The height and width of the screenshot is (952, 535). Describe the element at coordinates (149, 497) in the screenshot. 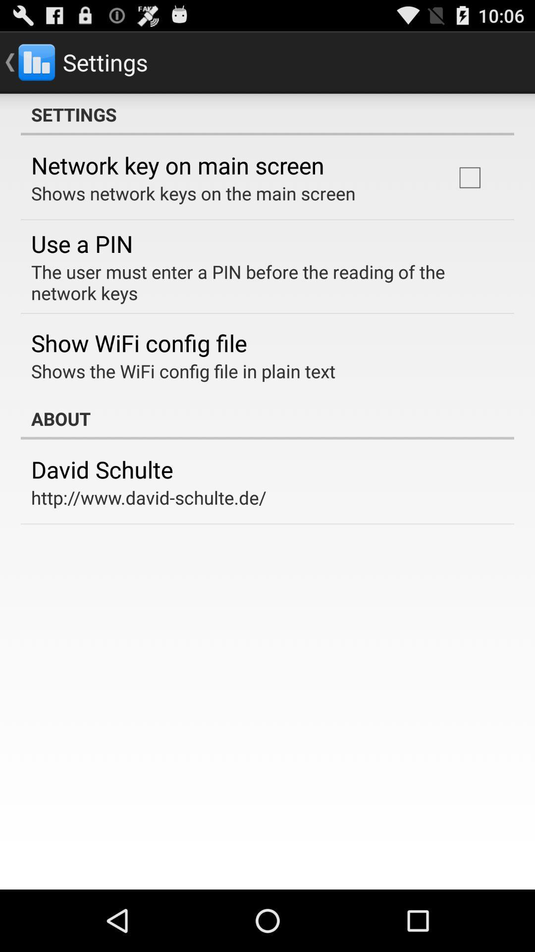

I see `http www david` at that location.